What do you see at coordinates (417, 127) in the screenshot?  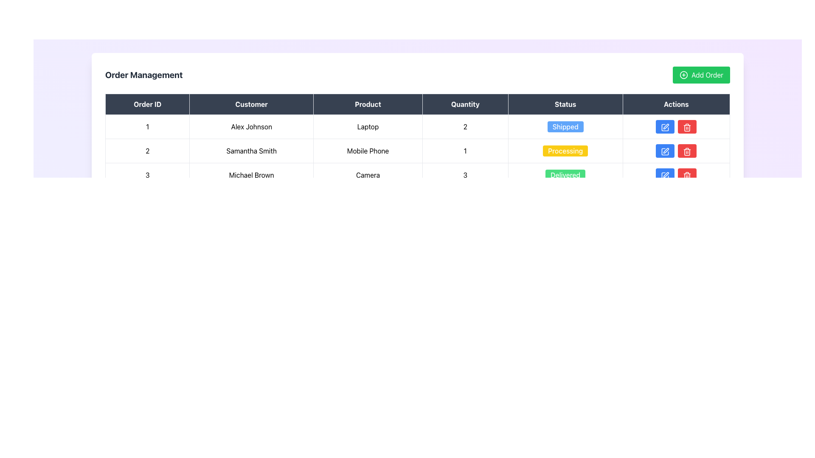 I see `the first row of the data table which displays information about an order, including Order ID, Customer name, Product name, Quantity, and Status, as it is interactive` at bounding box center [417, 127].